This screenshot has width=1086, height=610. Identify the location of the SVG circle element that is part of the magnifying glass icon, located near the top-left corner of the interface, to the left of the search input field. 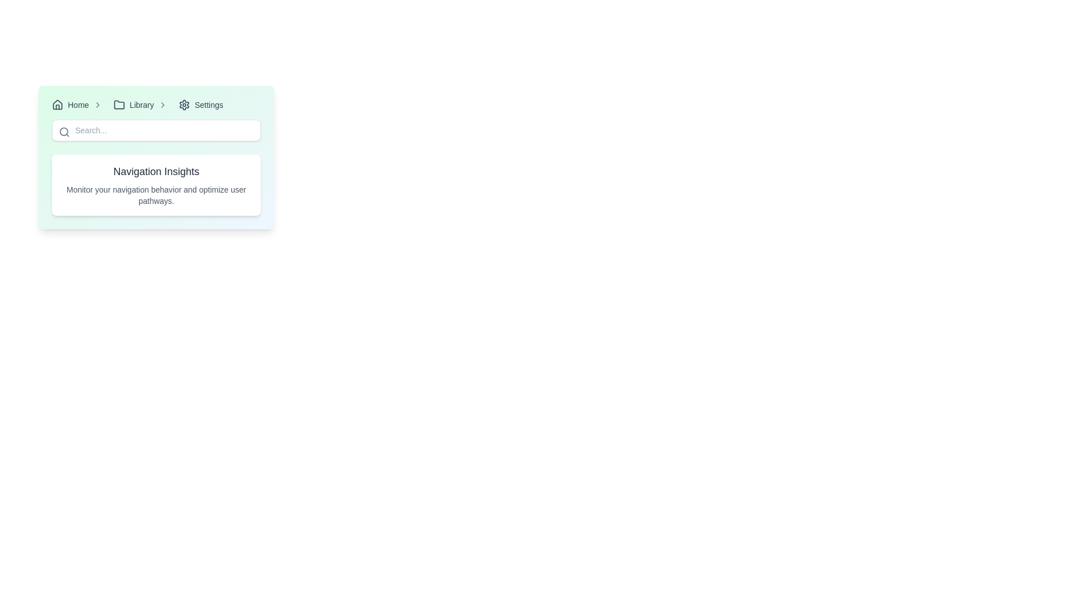
(63, 131).